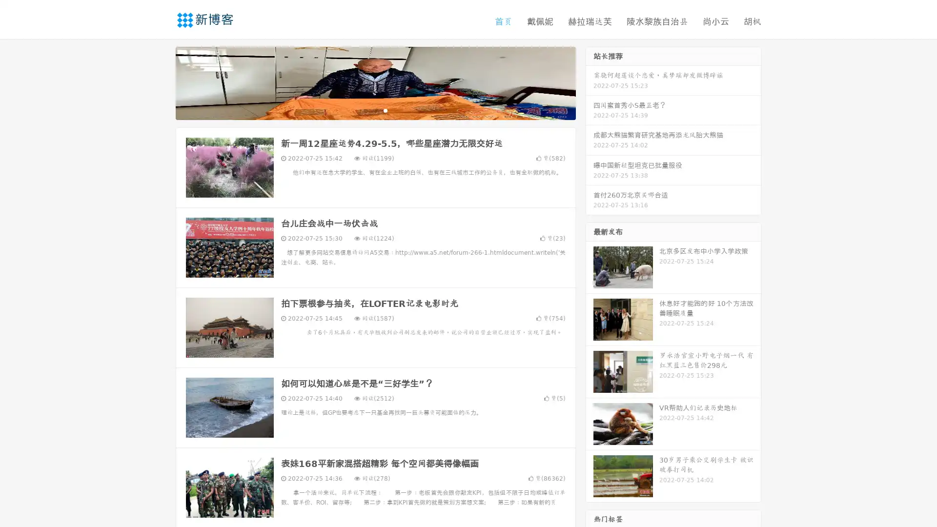 The height and width of the screenshot is (527, 937). Describe the element at coordinates (385, 110) in the screenshot. I see `Go to slide 3` at that location.